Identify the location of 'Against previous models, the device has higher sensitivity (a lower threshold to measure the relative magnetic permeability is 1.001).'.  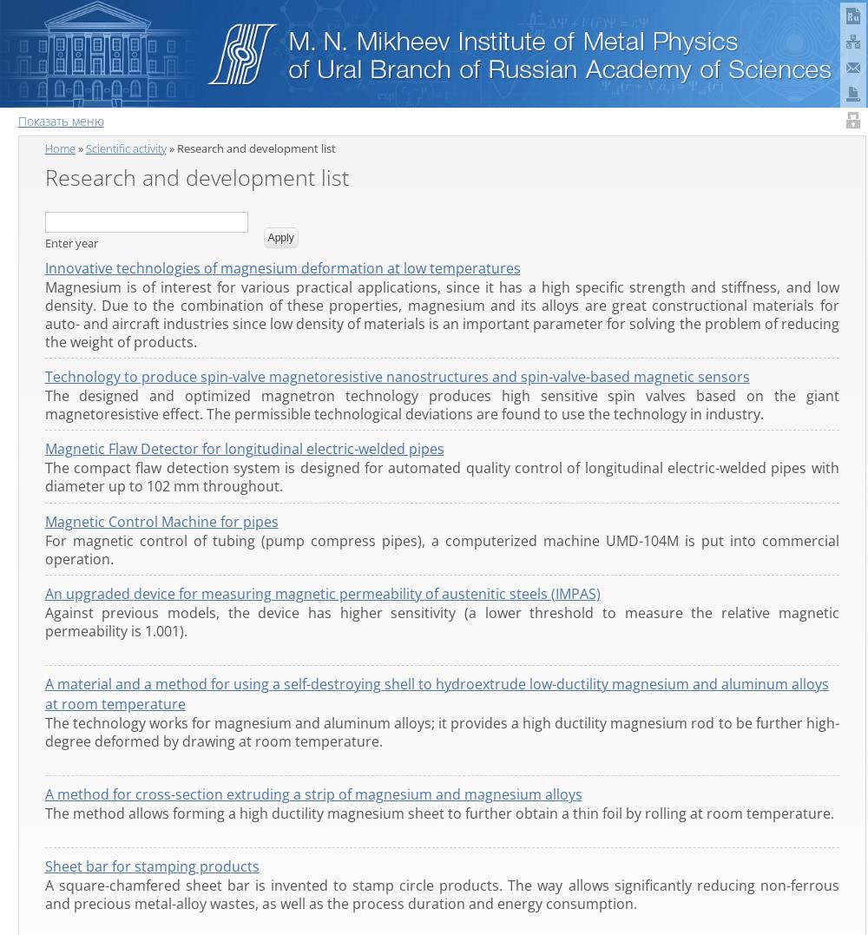
(441, 621).